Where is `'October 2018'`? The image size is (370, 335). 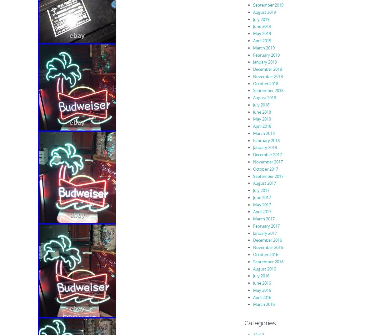 'October 2018' is located at coordinates (265, 83).